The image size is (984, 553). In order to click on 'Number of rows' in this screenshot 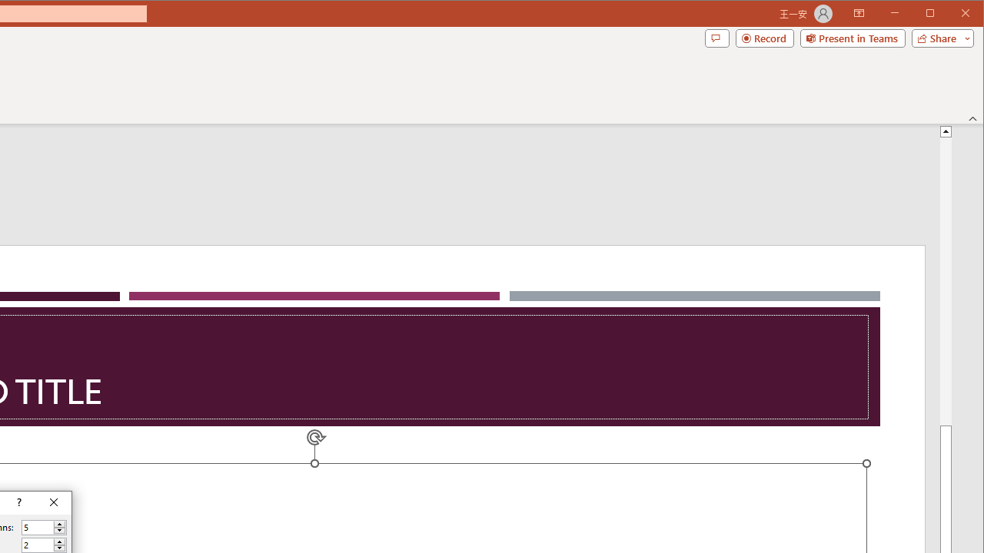, I will do `click(38, 545)`.